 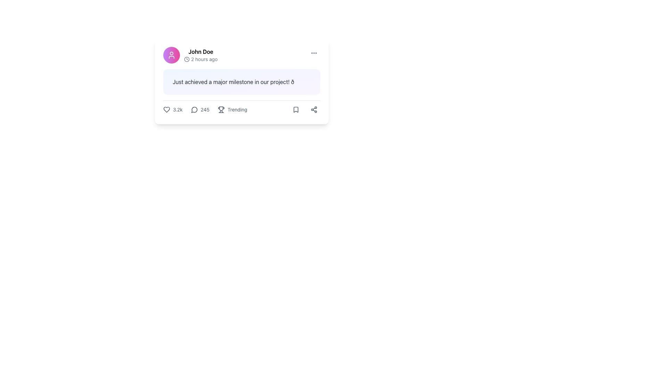 I want to click on the ellipsis icon, which is represented by three evenly spaced dots in a grayish tone located in the upper-right corner of the card component, so click(x=313, y=53).